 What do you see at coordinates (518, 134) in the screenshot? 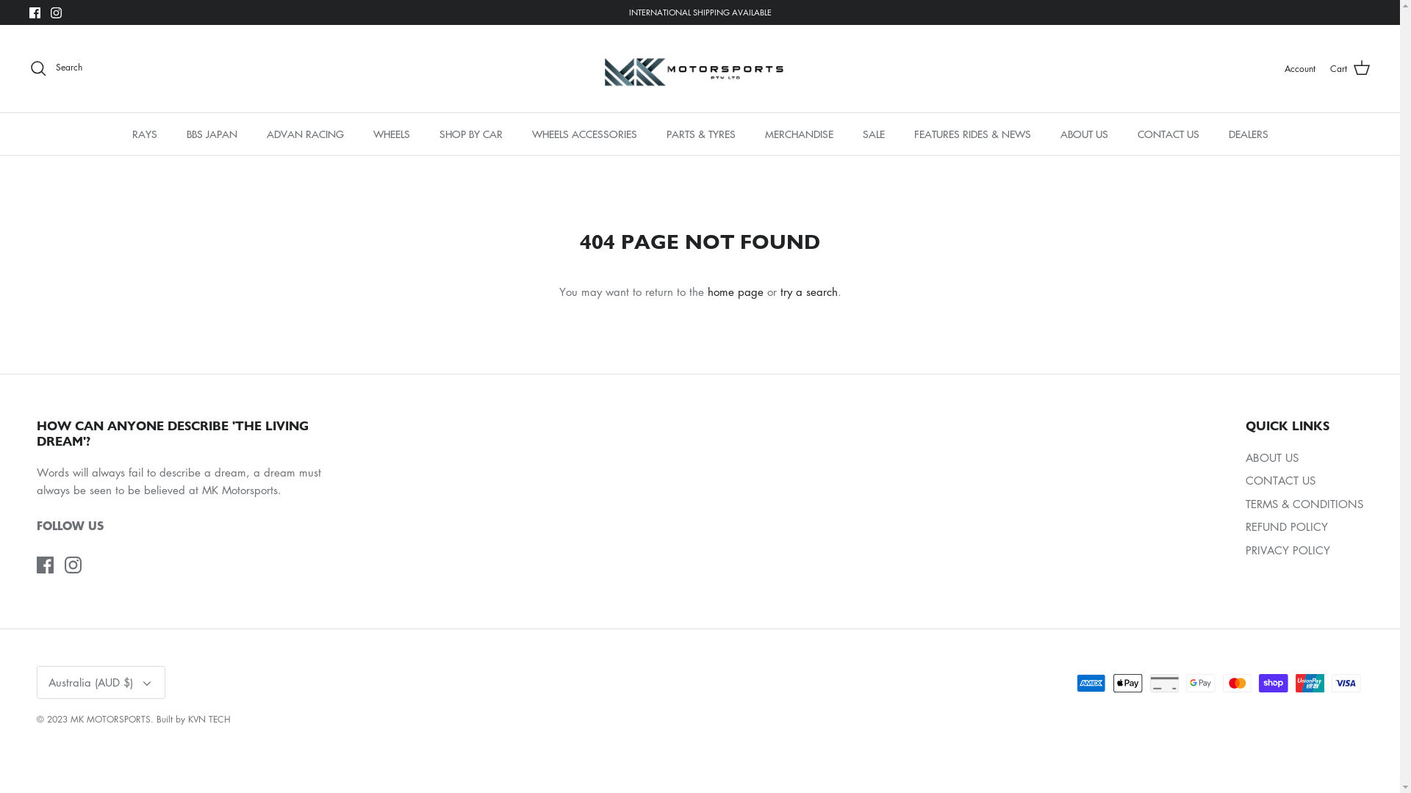
I see `'WHEELS ACCESSORIES'` at bounding box center [518, 134].